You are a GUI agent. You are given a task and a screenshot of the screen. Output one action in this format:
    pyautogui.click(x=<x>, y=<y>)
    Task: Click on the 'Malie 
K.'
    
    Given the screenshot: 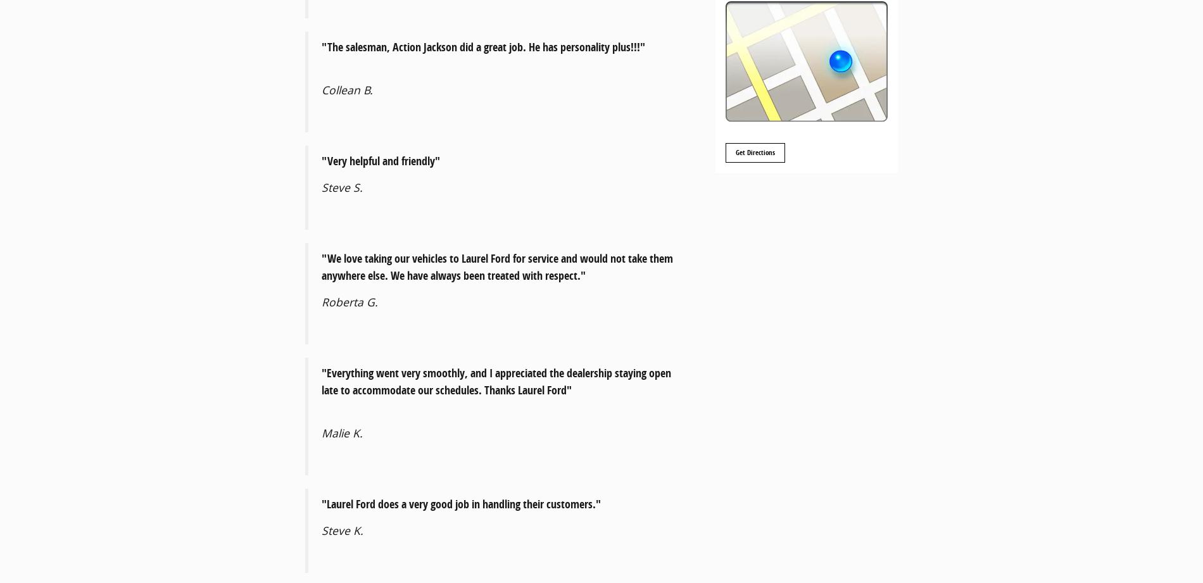 What is the action you would take?
    pyautogui.click(x=342, y=433)
    